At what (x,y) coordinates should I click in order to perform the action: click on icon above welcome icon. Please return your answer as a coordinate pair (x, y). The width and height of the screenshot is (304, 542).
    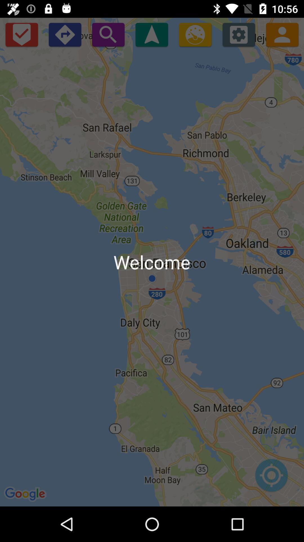
    Looking at the image, I should click on (108, 34).